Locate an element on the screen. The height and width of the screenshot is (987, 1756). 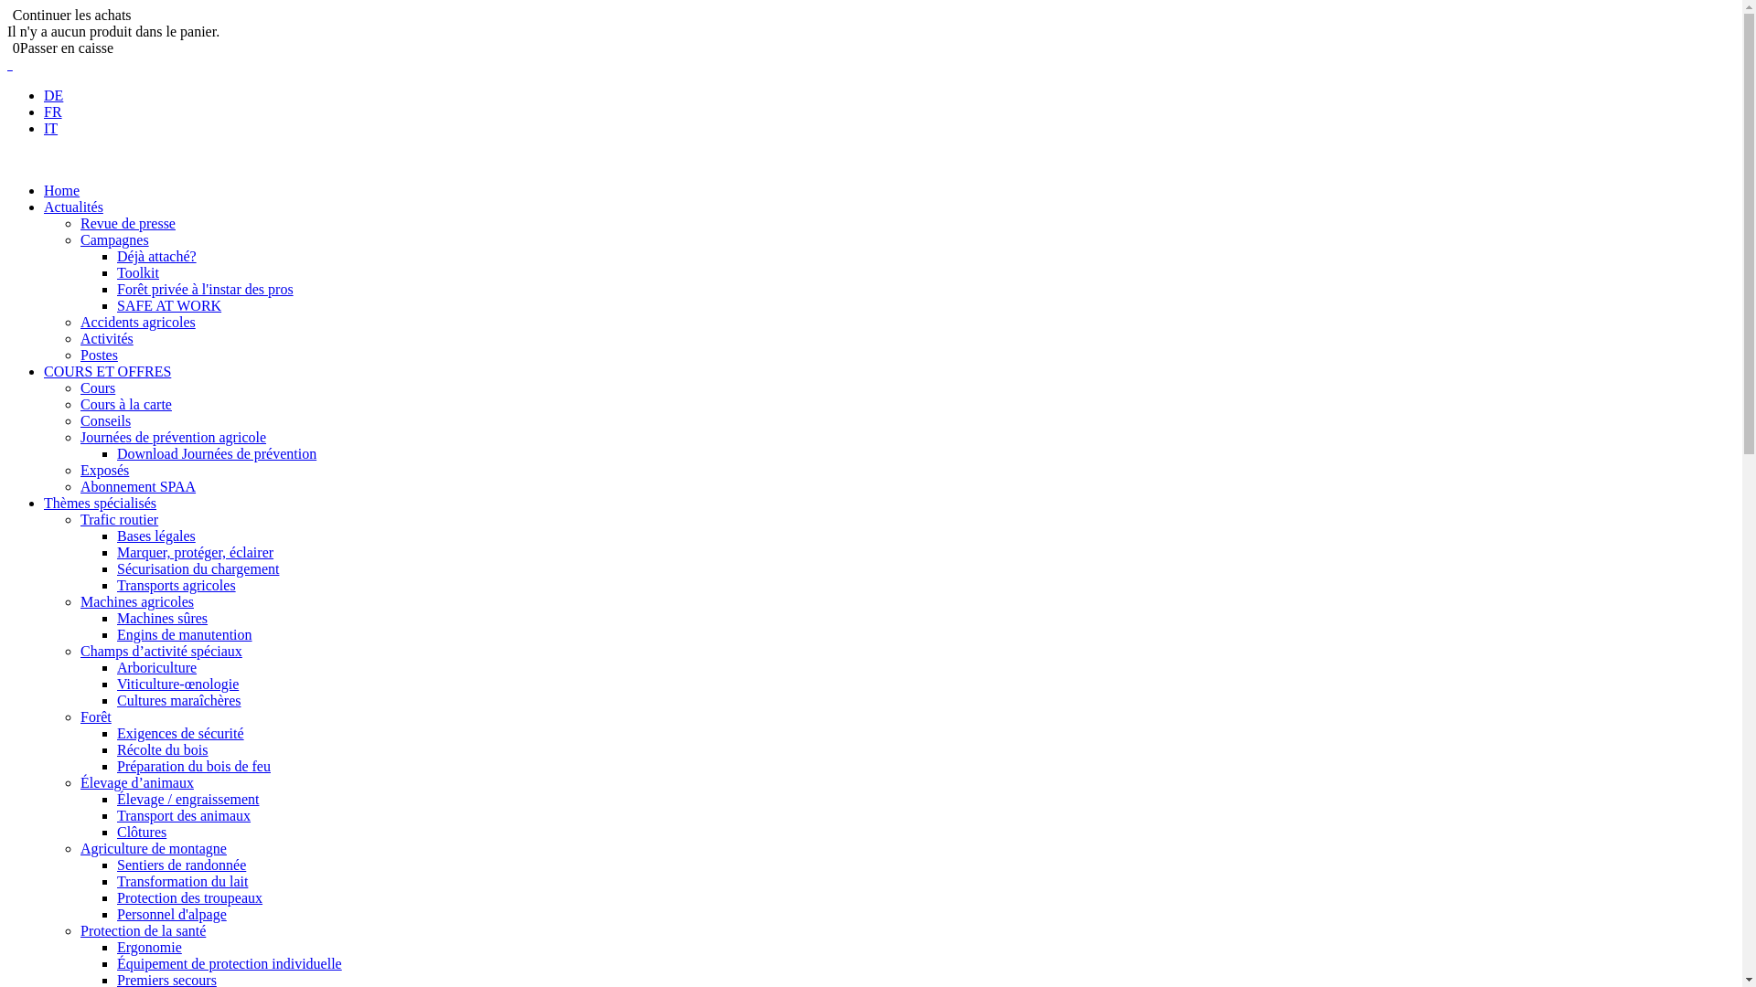
'Campagnes' is located at coordinates (113, 239).